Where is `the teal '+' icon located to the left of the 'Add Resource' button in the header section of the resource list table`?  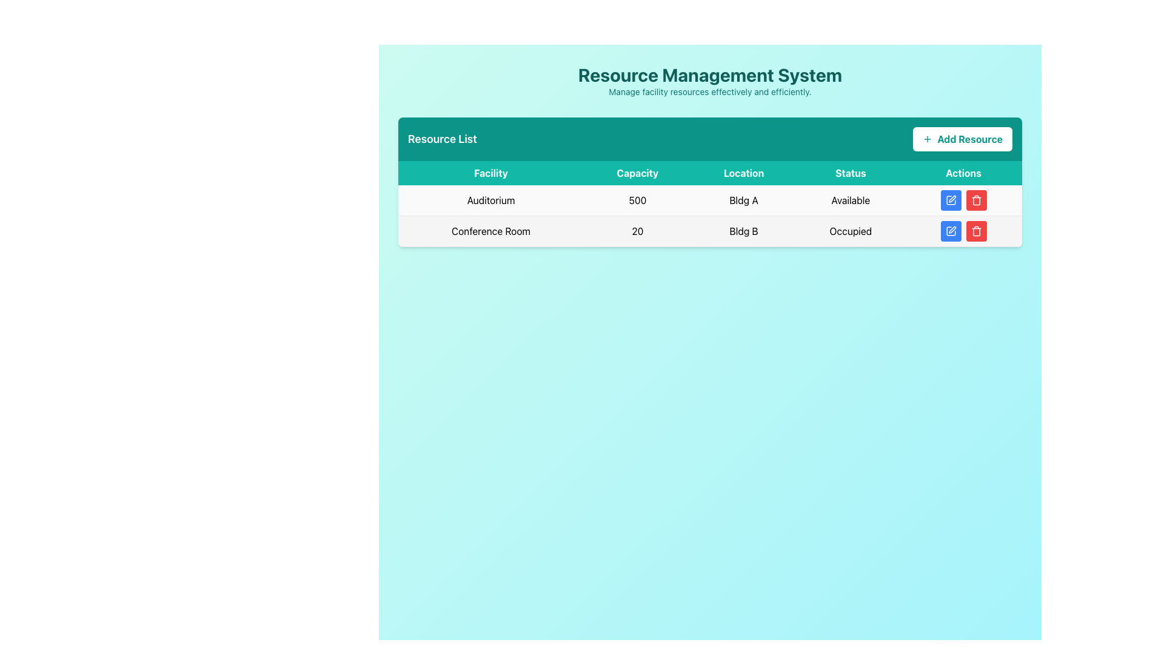 the teal '+' icon located to the left of the 'Add Resource' button in the header section of the resource list table is located at coordinates (927, 139).